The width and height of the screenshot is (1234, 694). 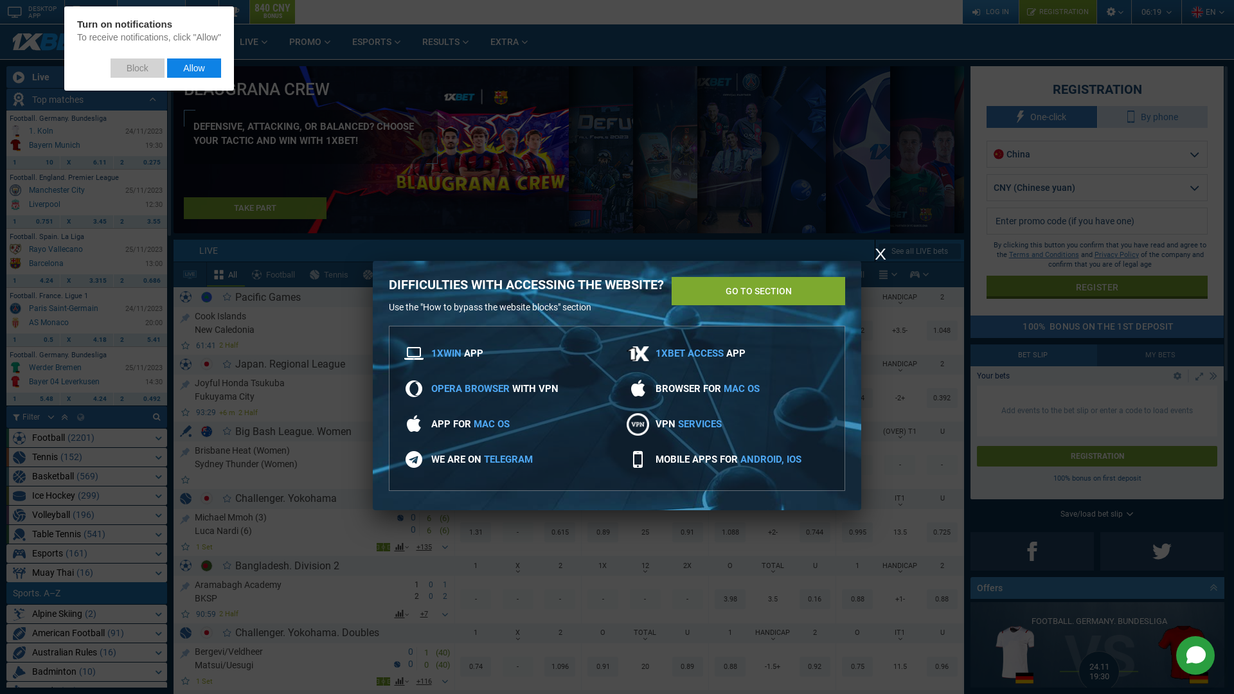 I want to click on 'MY BETS', so click(x=1160, y=355).